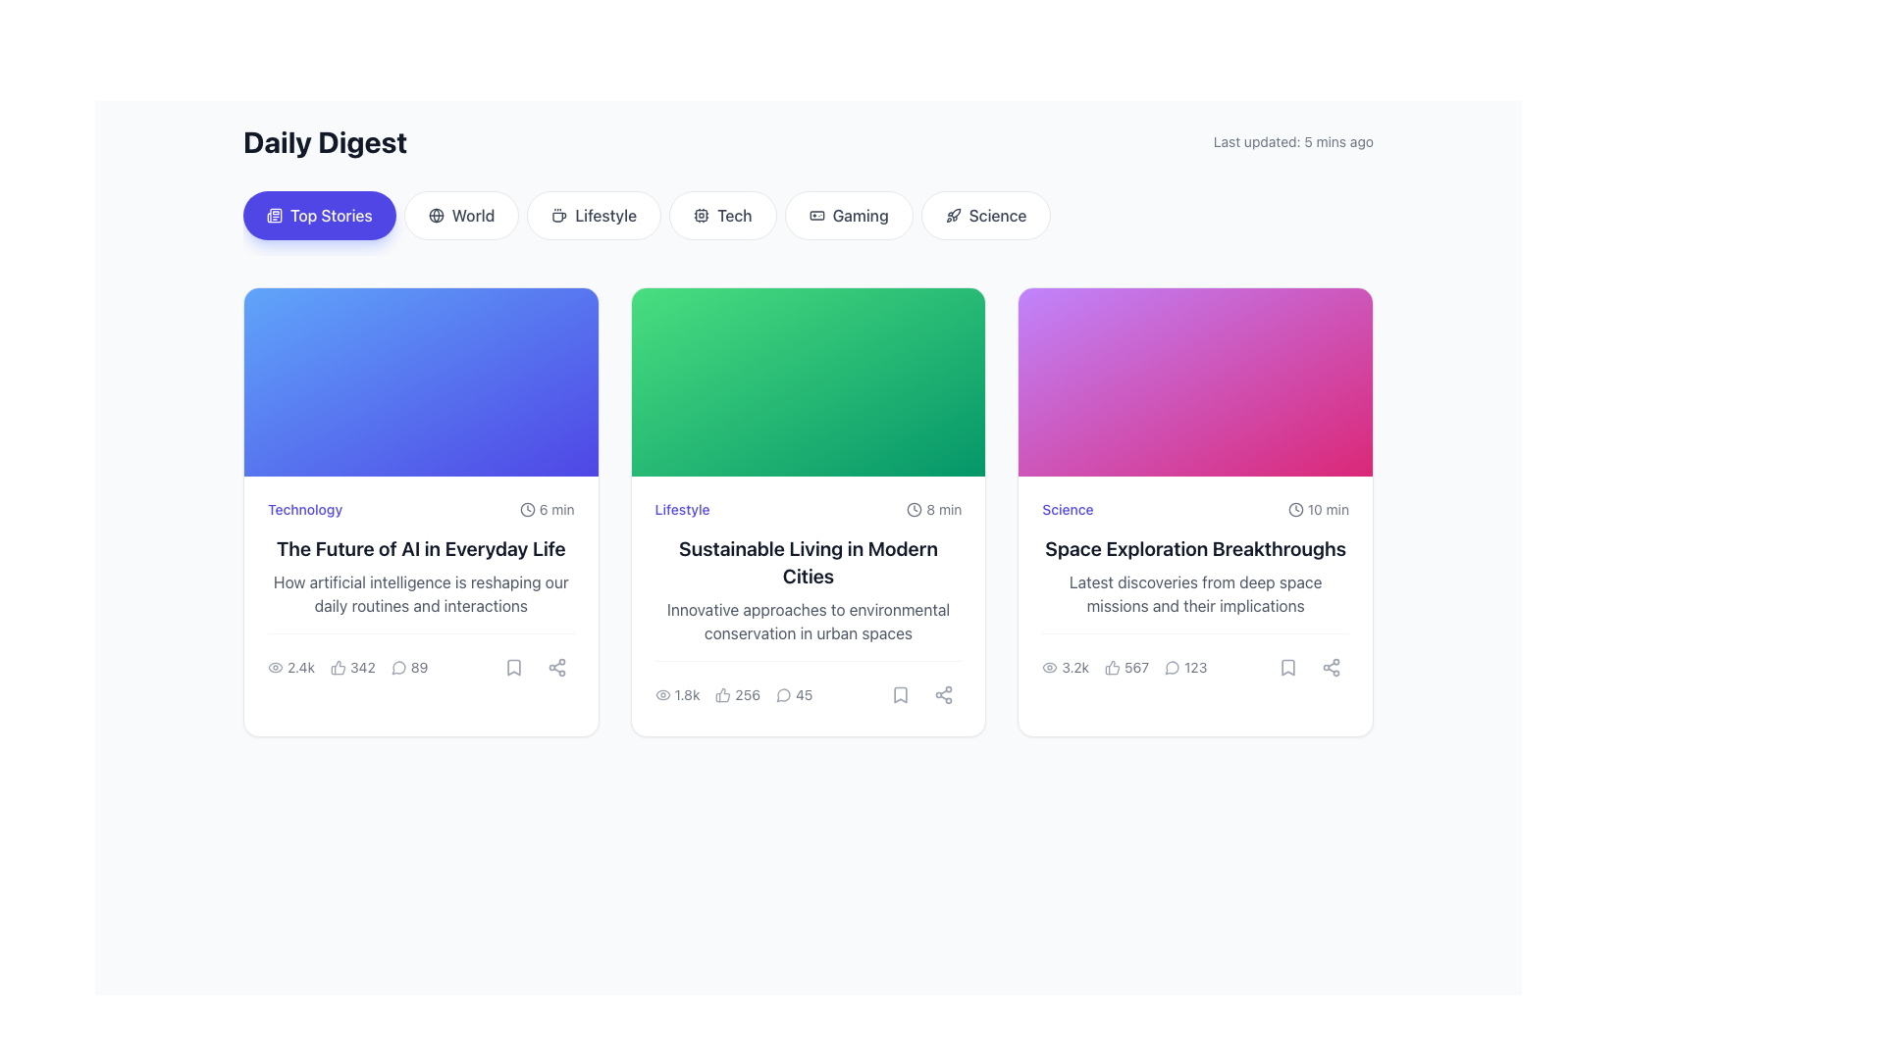  Describe the element at coordinates (986, 215) in the screenshot. I see `the pill-shaped button labeled 'Science' with a white background and gray border` at that location.